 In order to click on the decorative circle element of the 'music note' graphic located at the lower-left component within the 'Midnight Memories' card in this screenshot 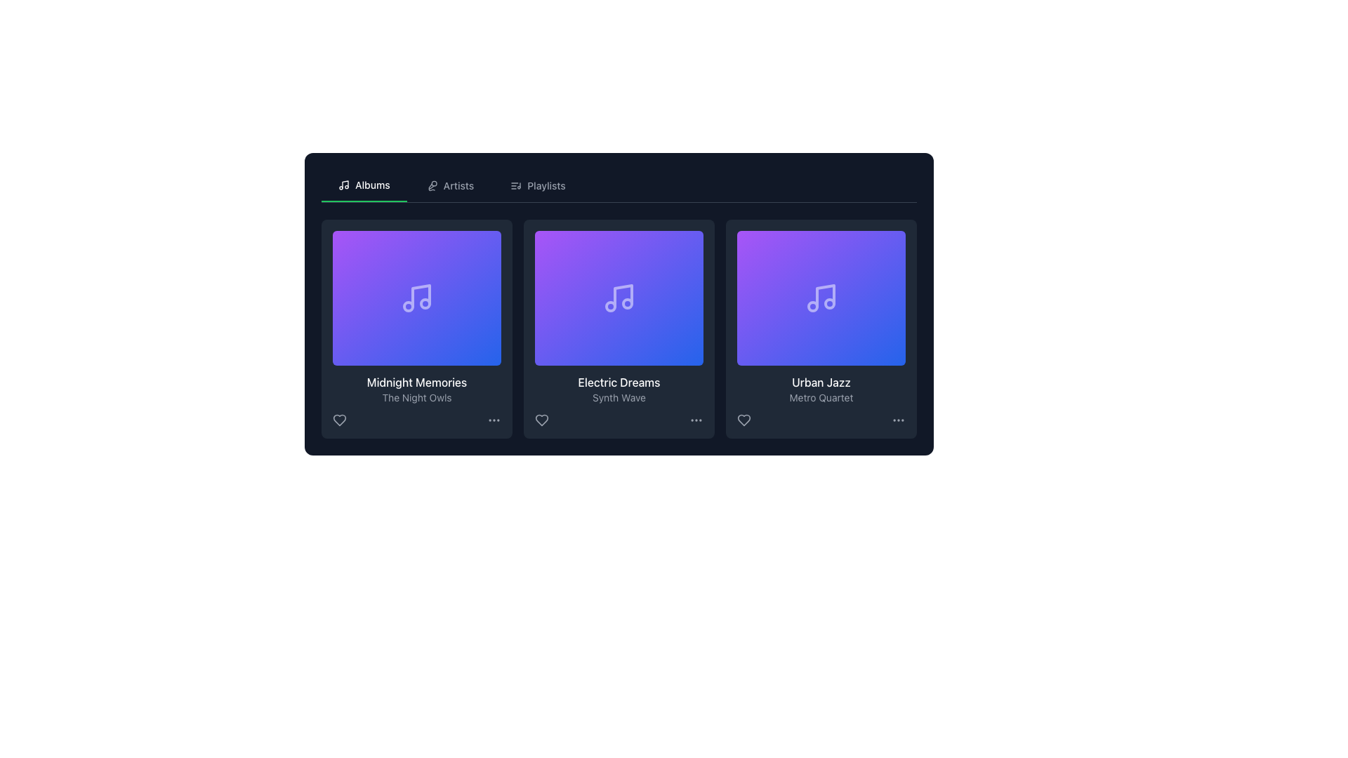, I will do `click(407, 305)`.